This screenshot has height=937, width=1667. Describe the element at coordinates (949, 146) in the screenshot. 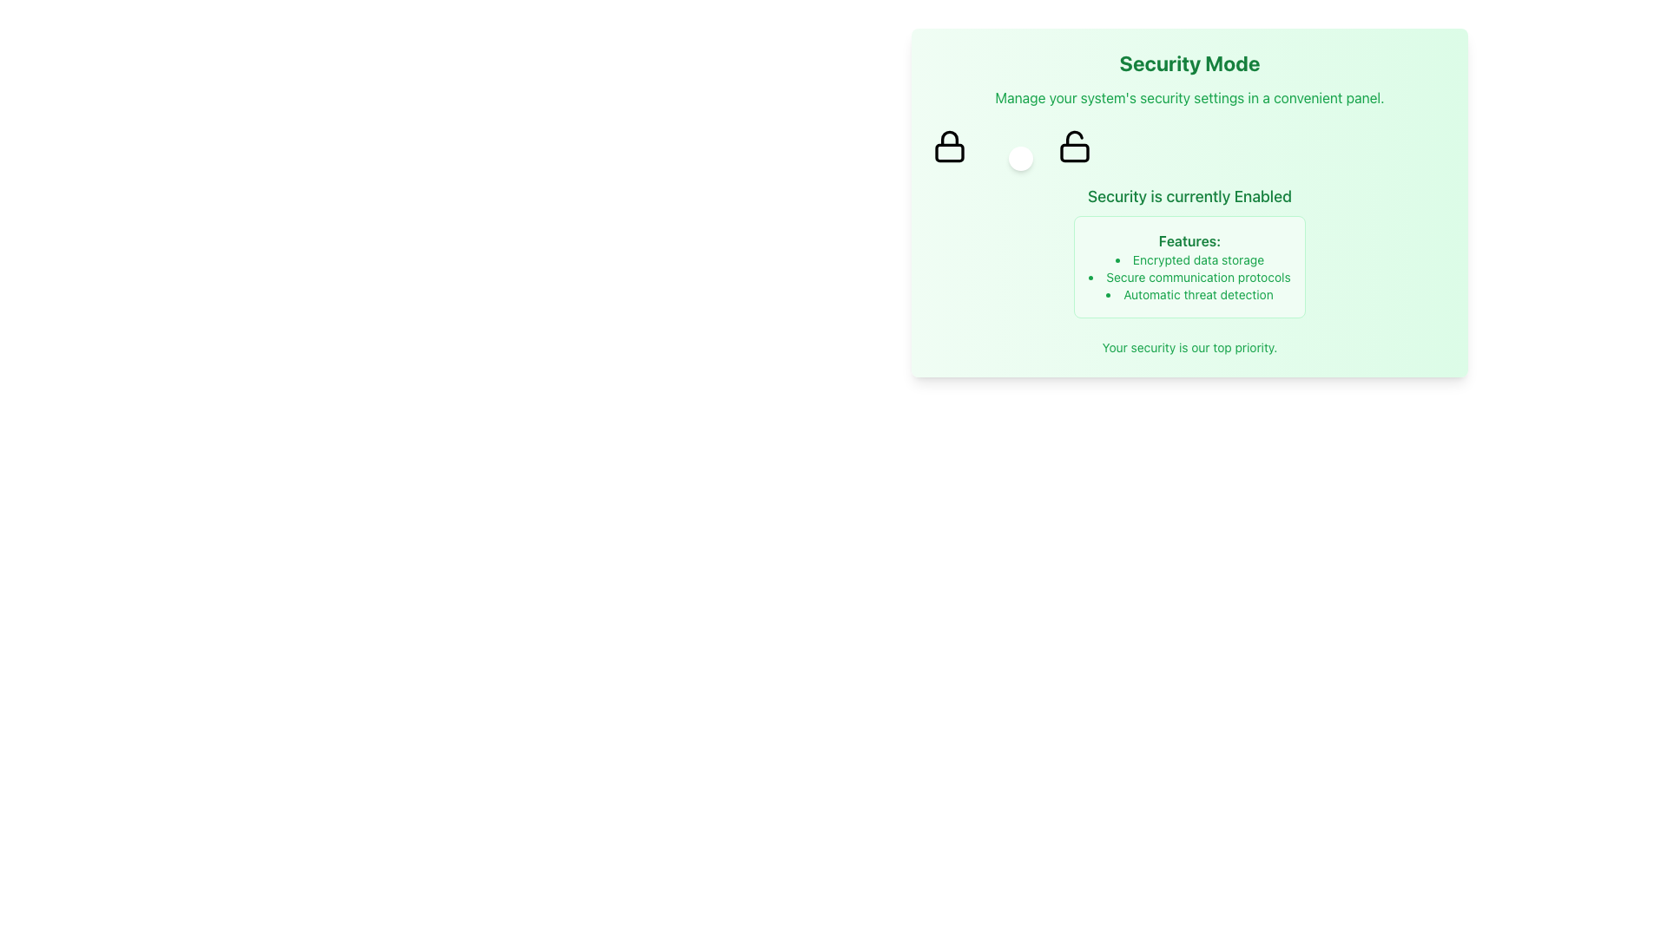

I see `the lock icon in the security settings panel, which is the first element in a sequence of icons and has a distinctive green hue with modern styling` at that location.